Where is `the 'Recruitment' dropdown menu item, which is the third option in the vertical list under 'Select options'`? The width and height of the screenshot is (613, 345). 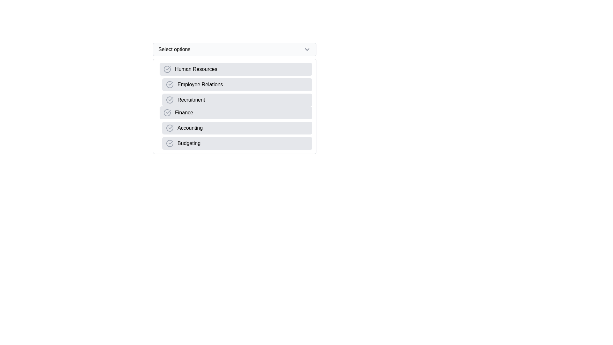
the 'Recruitment' dropdown menu item, which is the third option in the vertical list under 'Select options' is located at coordinates (237, 100).